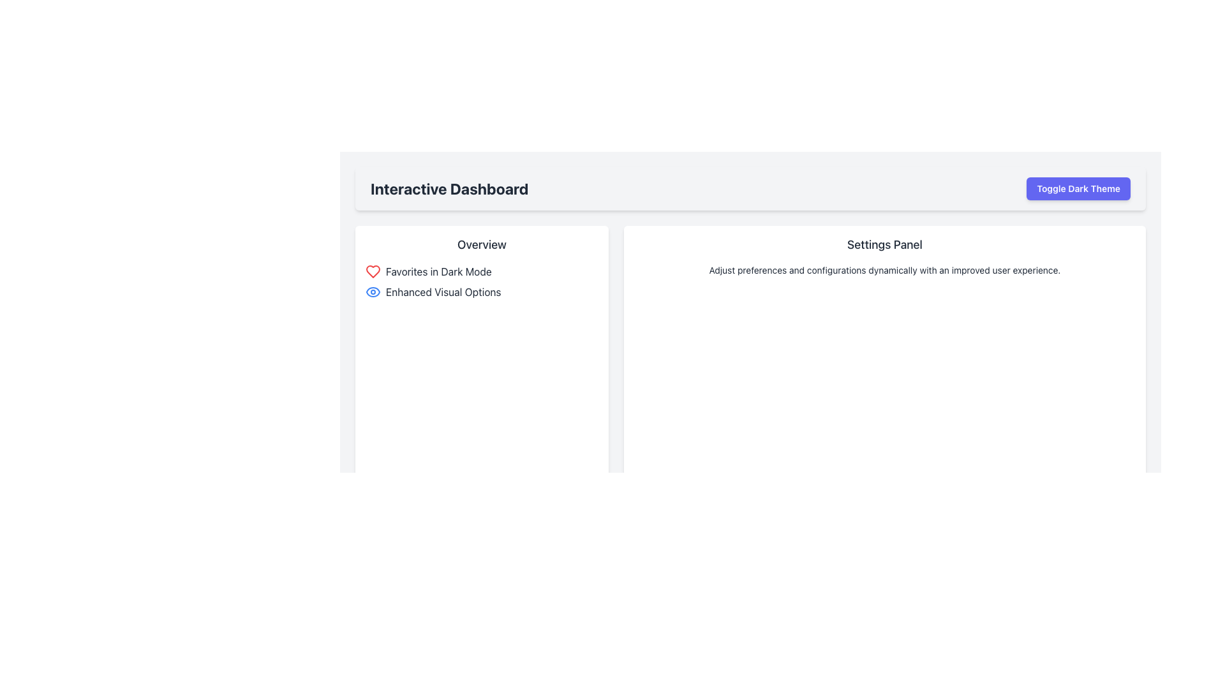 The image size is (1225, 689). Describe the element at coordinates (373, 270) in the screenshot. I see `the red heart-shaped icon outlined with a white fill, located to the left of the text 'Favorites in Dark Mode' in the top-left segment of the 'Overview' section` at that location.